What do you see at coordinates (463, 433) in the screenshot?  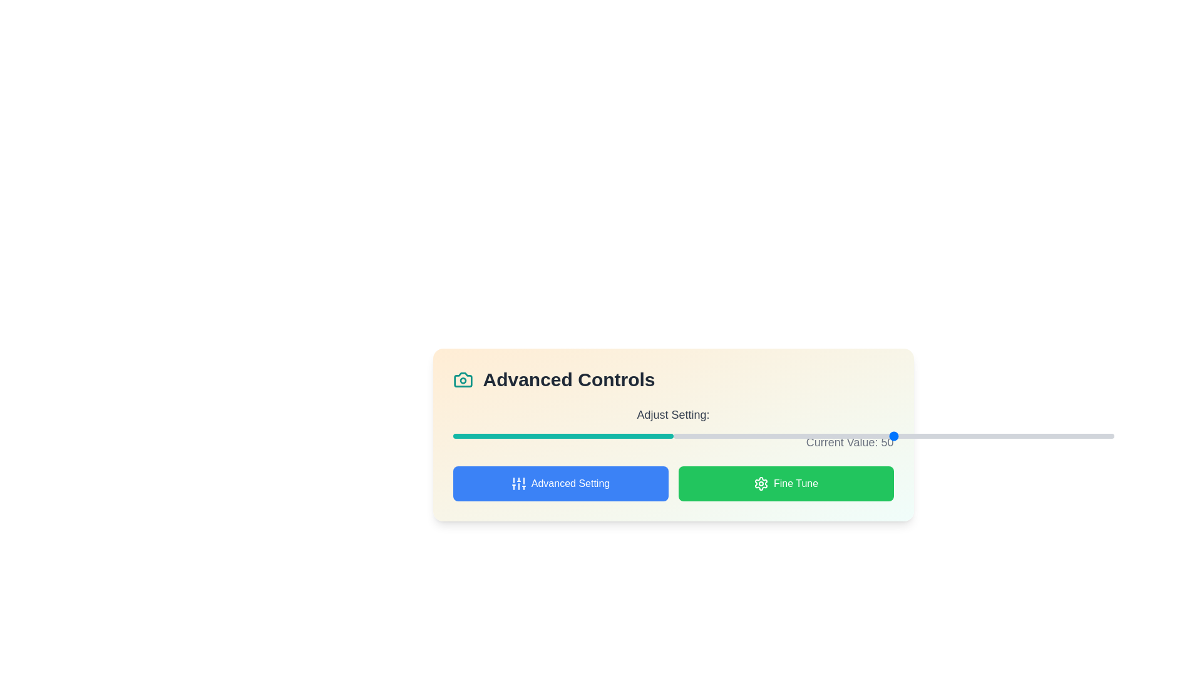 I see `the slider` at bounding box center [463, 433].